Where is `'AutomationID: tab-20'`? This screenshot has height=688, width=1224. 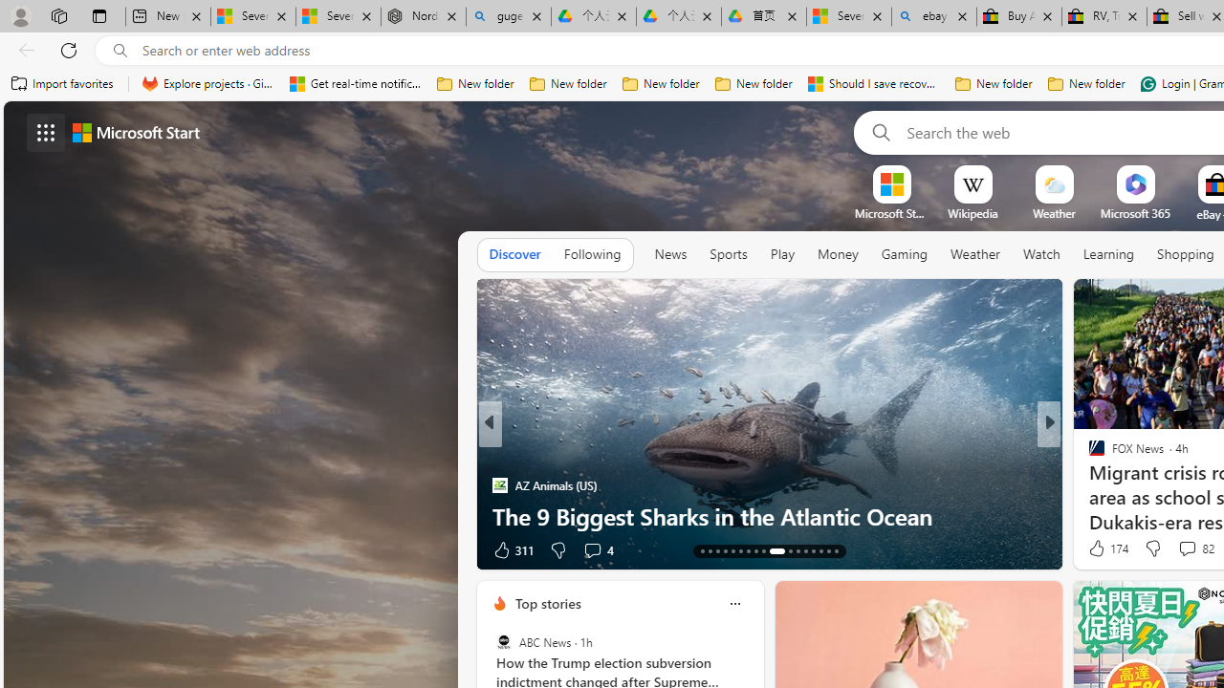
'AutomationID: tab-20' is located at coordinates (754, 551).